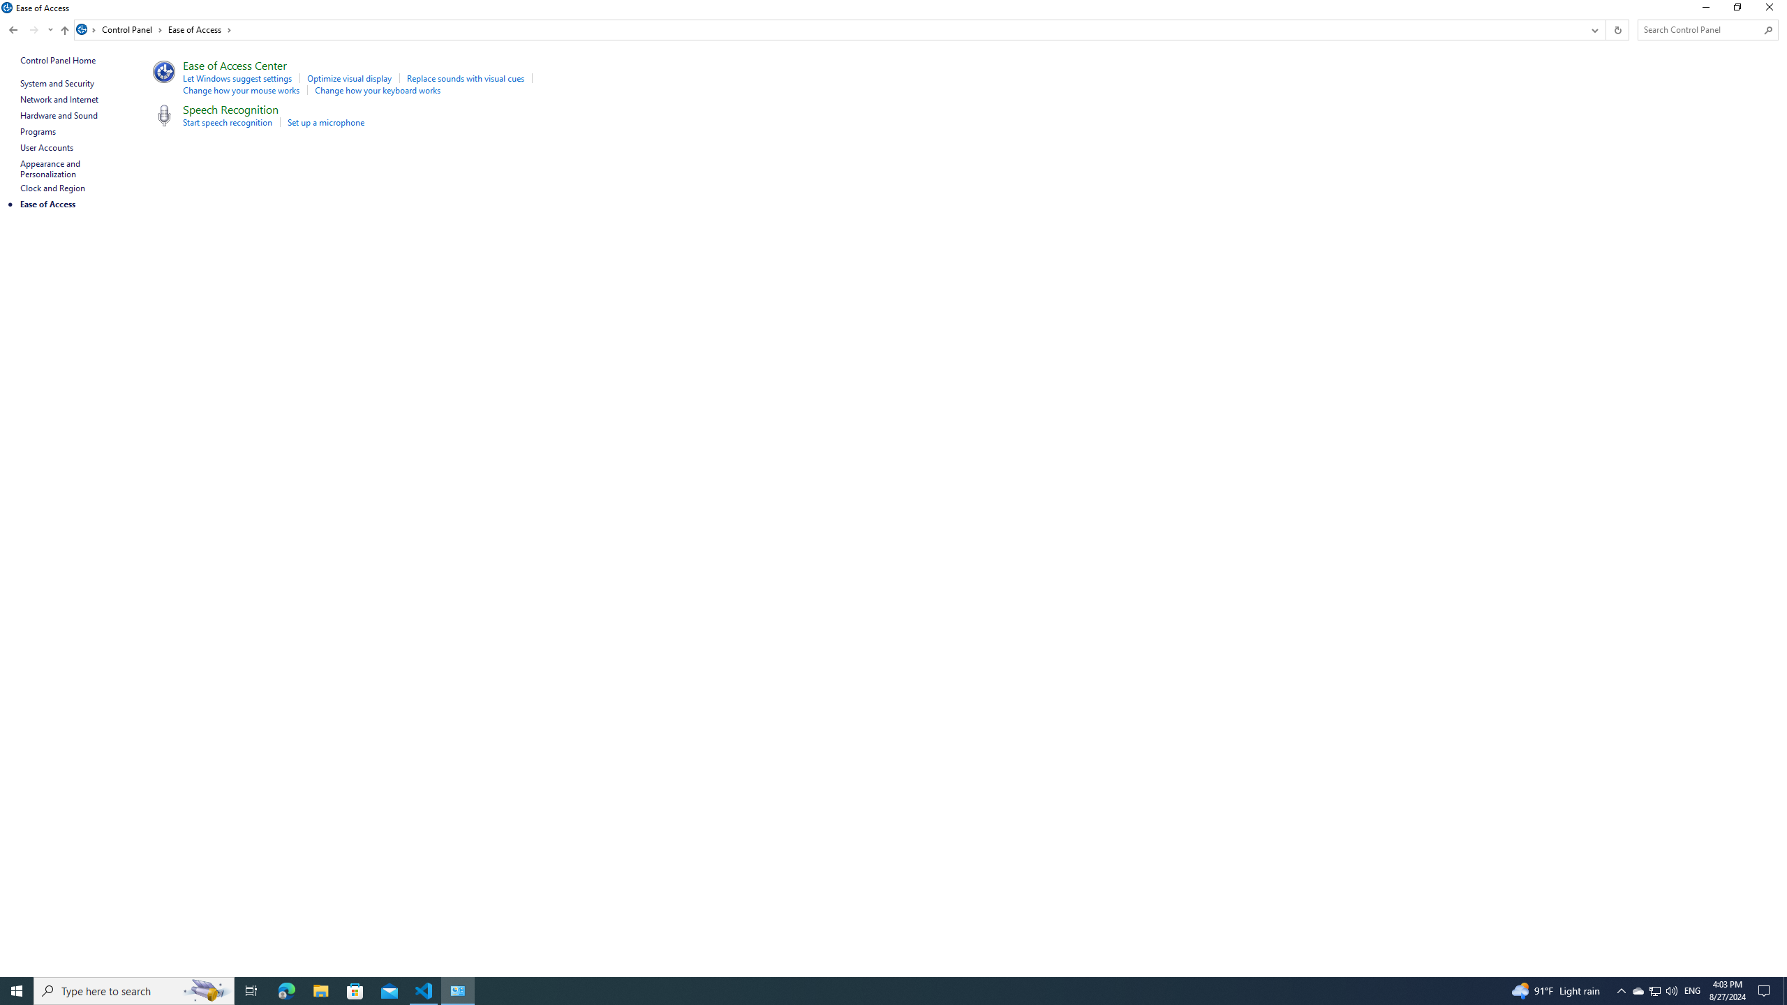 This screenshot has height=1005, width=1787. I want to click on 'Previous Locations', so click(1593, 29).